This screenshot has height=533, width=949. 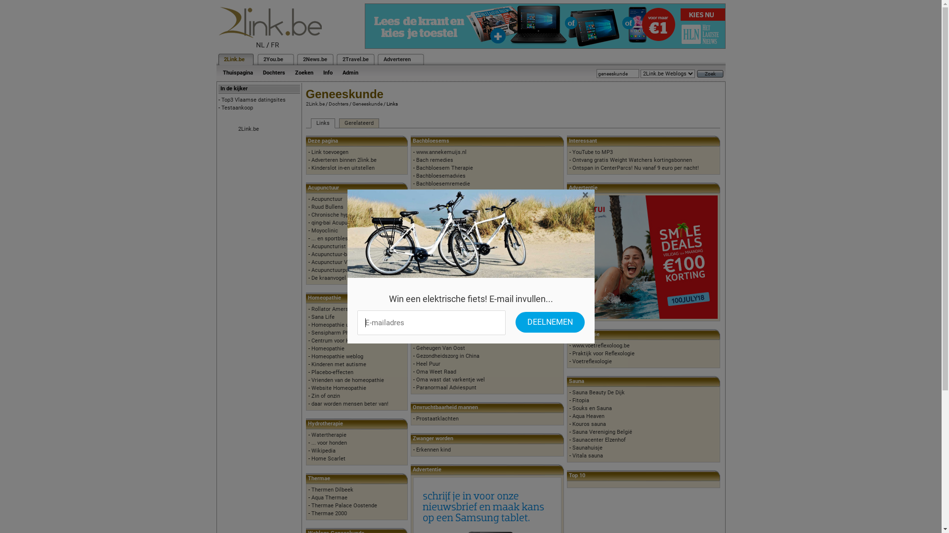 What do you see at coordinates (340, 325) in the screenshot?
I see `'Homeopathie uitgelegd'` at bounding box center [340, 325].